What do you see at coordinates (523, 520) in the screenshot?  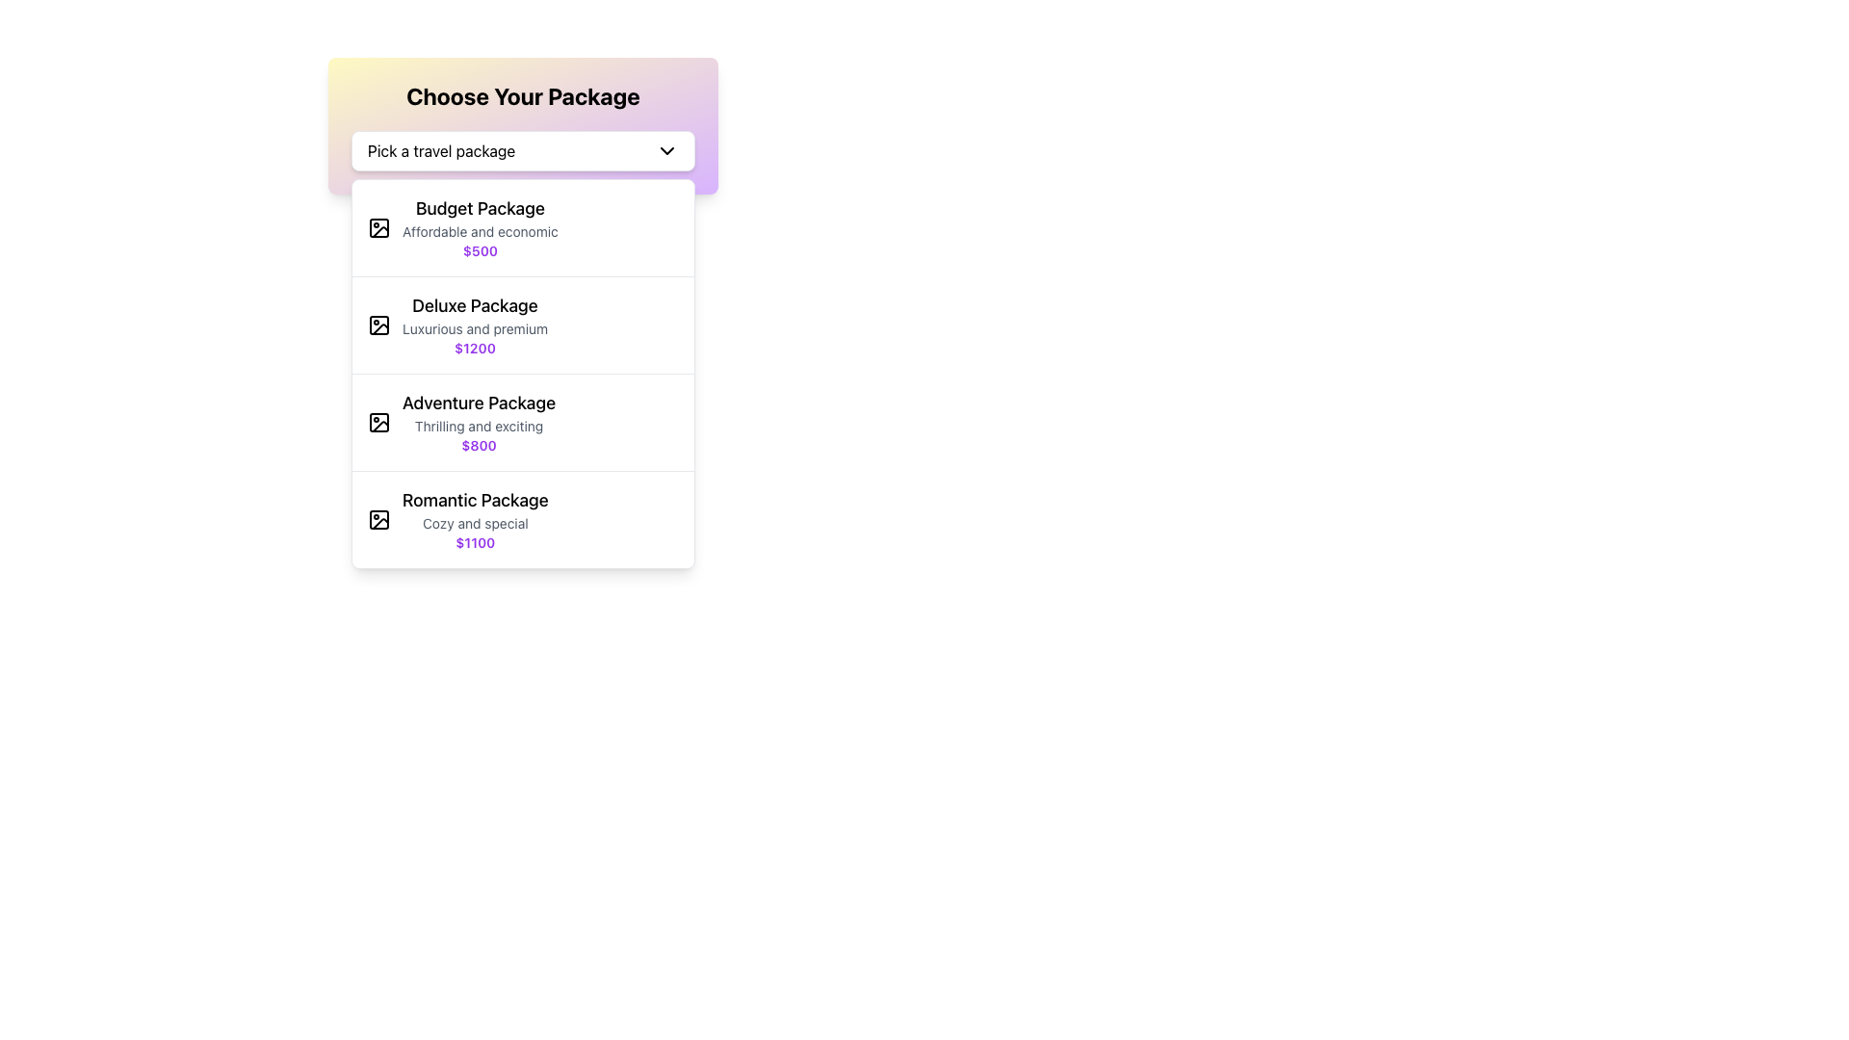 I see `the fourth item in the dropdown menu labeled 'Romantic Package' with the subtitle 'Cozy and special' and the price '$1100'` at bounding box center [523, 520].